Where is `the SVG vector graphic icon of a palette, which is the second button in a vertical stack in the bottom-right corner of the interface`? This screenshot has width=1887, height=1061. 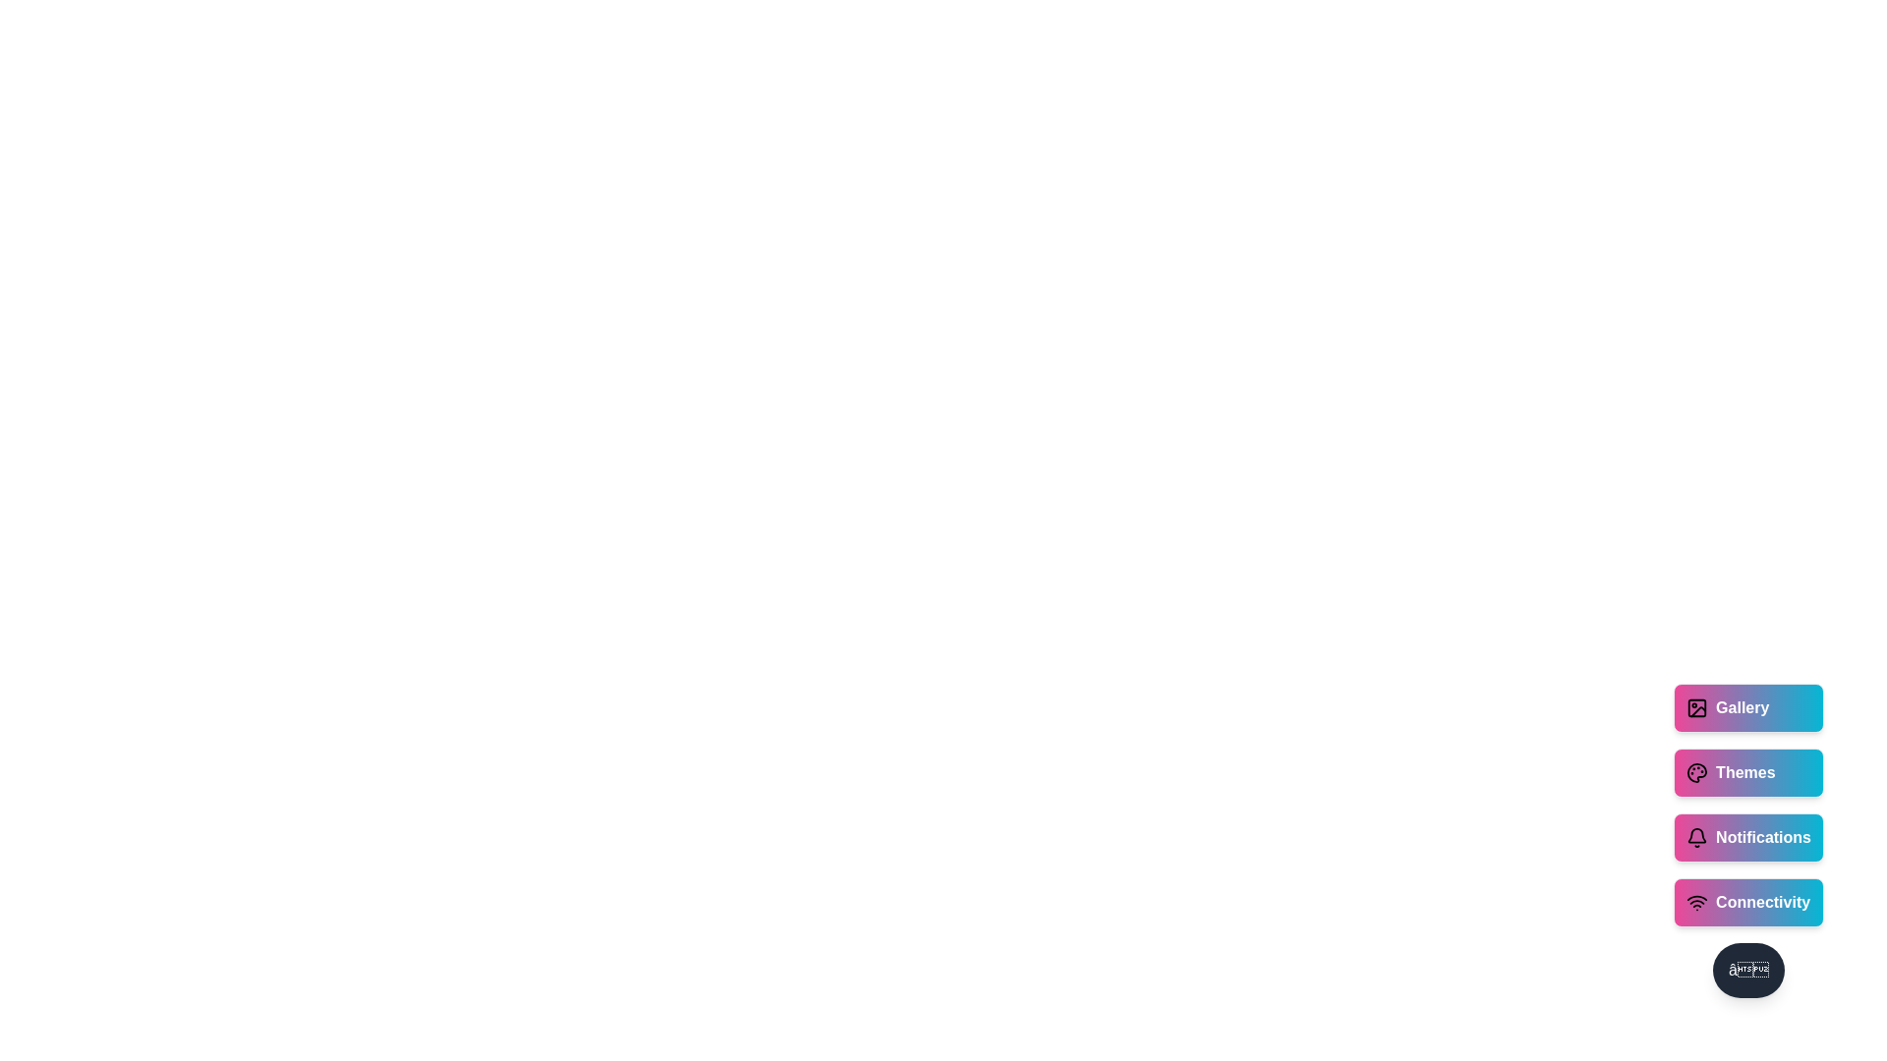 the SVG vector graphic icon of a palette, which is the second button in a vertical stack in the bottom-right corner of the interface is located at coordinates (1696, 771).